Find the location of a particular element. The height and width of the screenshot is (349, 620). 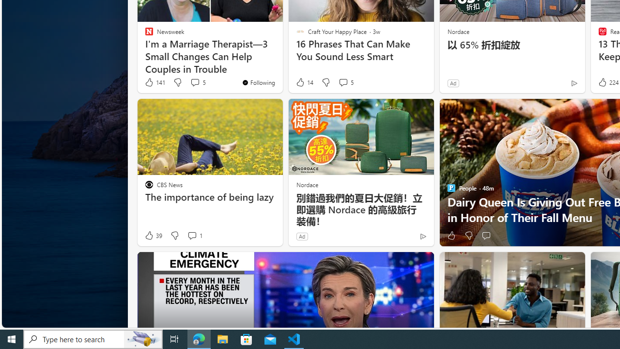

'14 Like' is located at coordinates (304, 82).